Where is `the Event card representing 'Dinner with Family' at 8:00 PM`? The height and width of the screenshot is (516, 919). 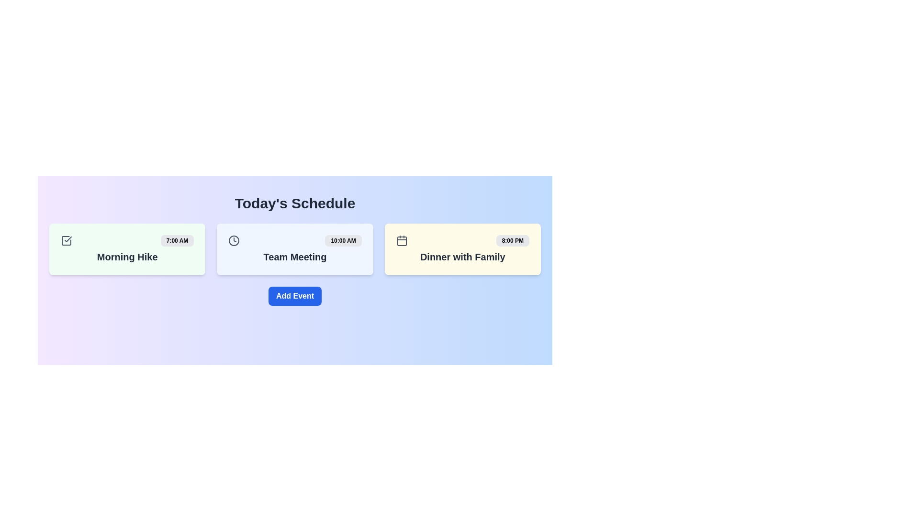
the Event card representing 'Dinner with Family' at 8:00 PM is located at coordinates (462, 248).